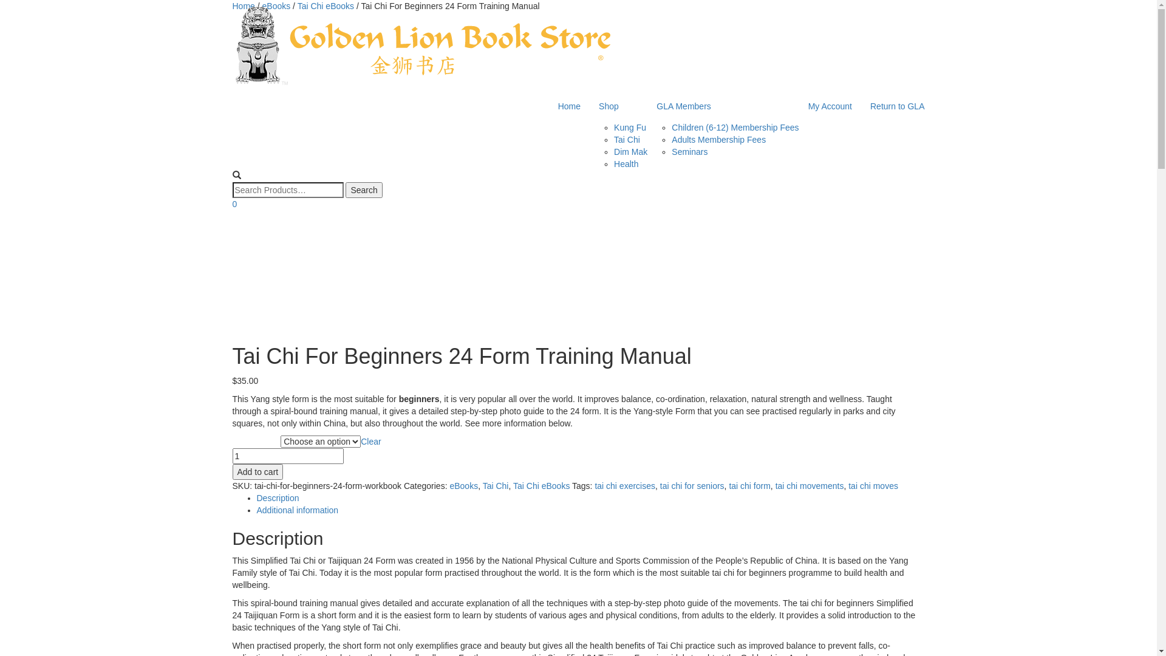 The height and width of the screenshot is (656, 1166). I want to click on 'Add to cart', so click(232, 471).